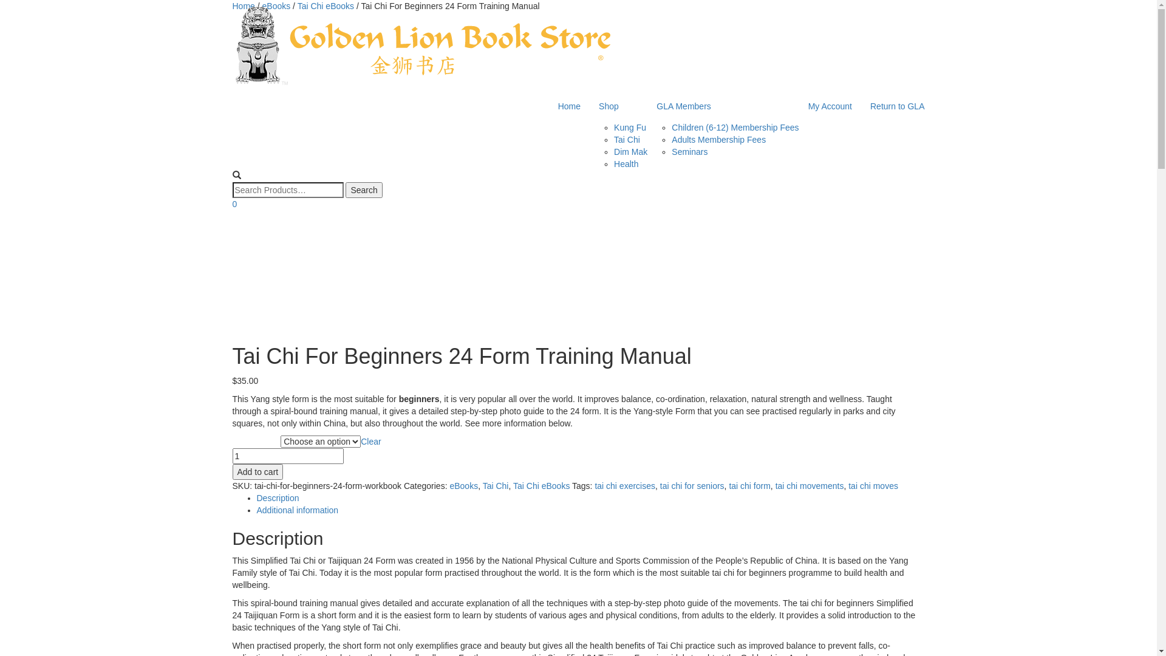 The height and width of the screenshot is (656, 1166). I want to click on 'Add to cart', so click(232, 471).